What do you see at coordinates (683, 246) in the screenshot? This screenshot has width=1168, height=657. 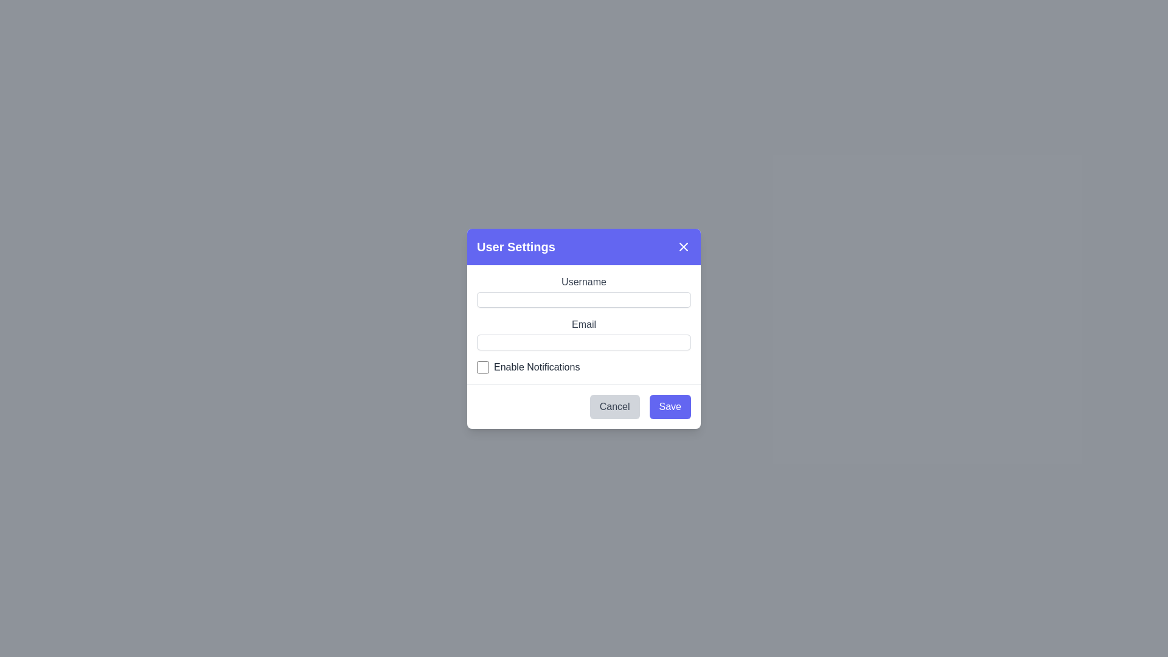 I see `the close button (X icon) located at the top-right corner of the 'User Settings' modal` at bounding box center [683, 246].